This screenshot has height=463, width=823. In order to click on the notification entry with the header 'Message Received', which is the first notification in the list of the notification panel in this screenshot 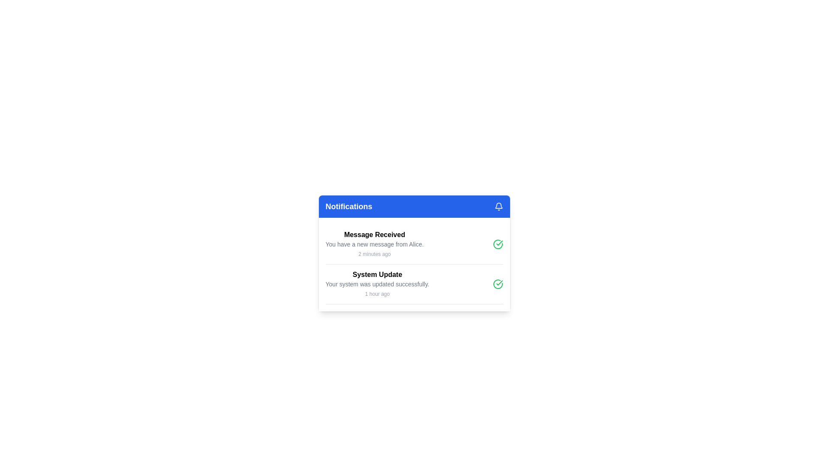, I will do `click(374, 244)`.